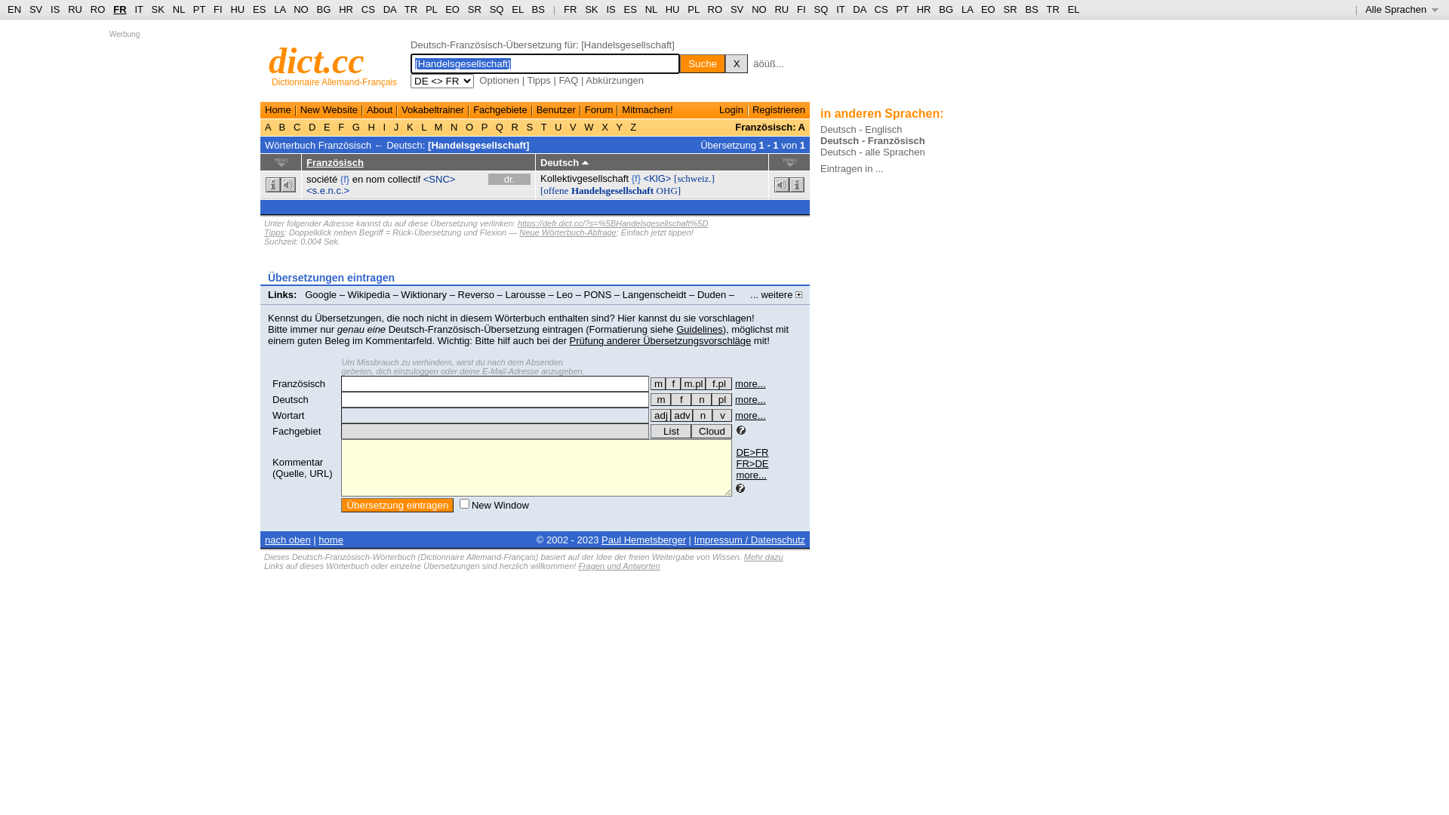  I want to click on 'f.pl', so click(718, 383).